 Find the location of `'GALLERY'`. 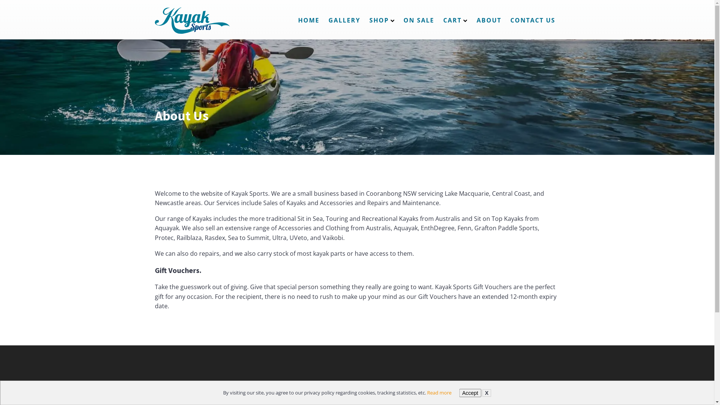

'GALLERY' is located at coordinates (344, 20).